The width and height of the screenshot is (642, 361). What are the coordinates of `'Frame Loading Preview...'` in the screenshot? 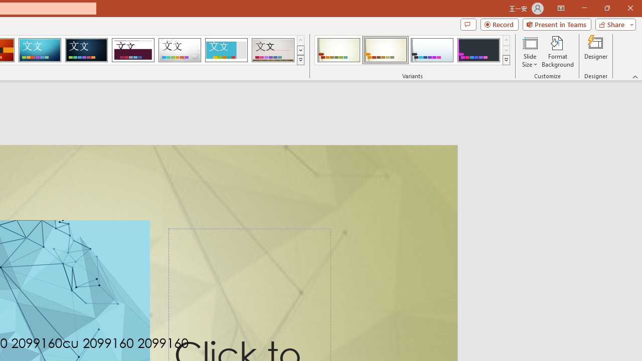 It's located at (226, 50).